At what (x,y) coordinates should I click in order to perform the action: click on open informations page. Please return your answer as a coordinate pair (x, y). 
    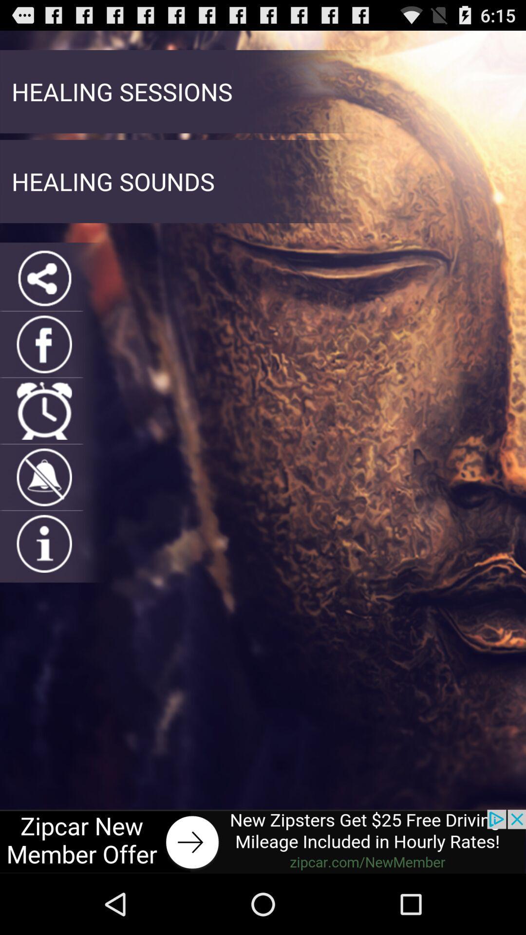
    Looking at the image, I should click on (44, 543).